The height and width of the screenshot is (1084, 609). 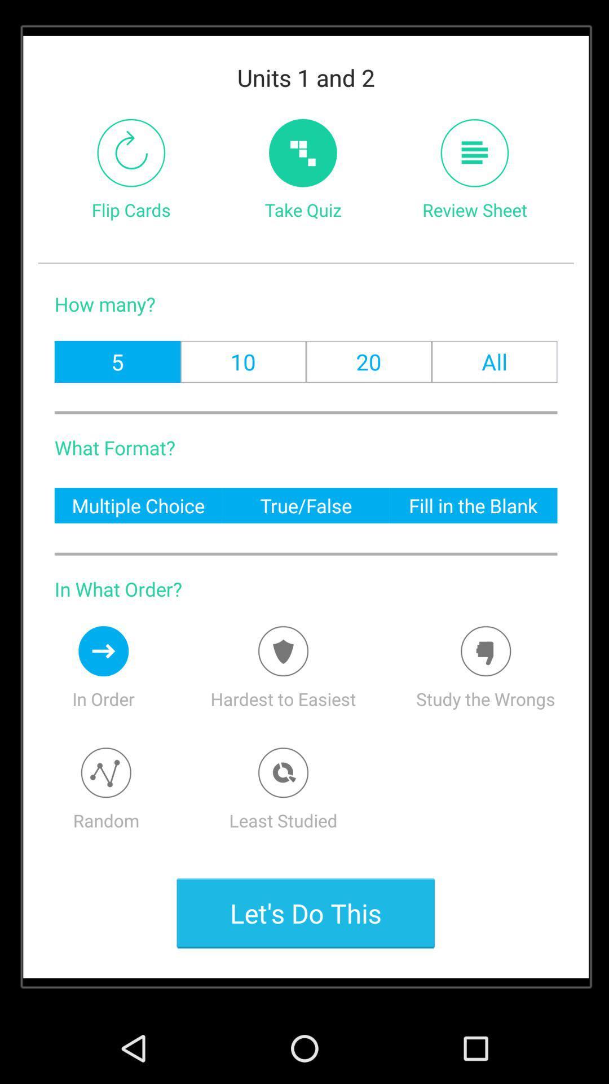 I want to click on hardest to easiest, so click(x=283, y=651).